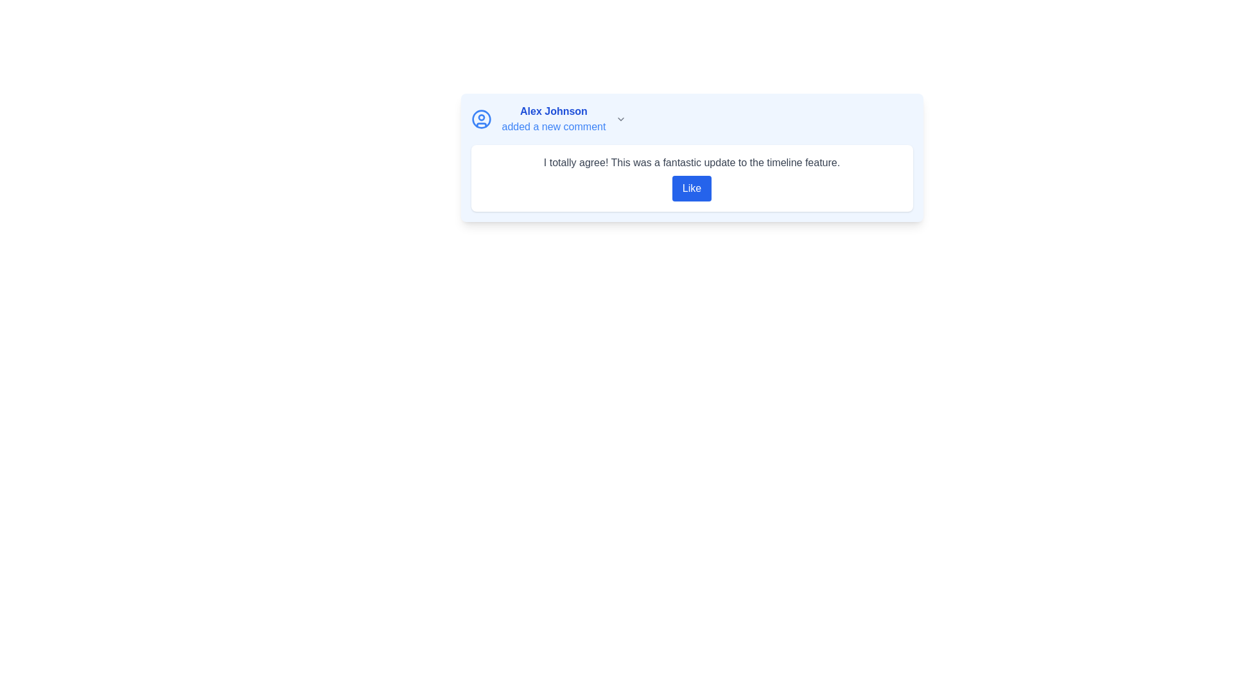  What do you see at coordinates (554, 110) in the screenshot?
I see `the Text Label displaying 'Alex Johnson', which is in bold blue font and located at the top-left corner of the comment block` at bounding box center [554, 110].